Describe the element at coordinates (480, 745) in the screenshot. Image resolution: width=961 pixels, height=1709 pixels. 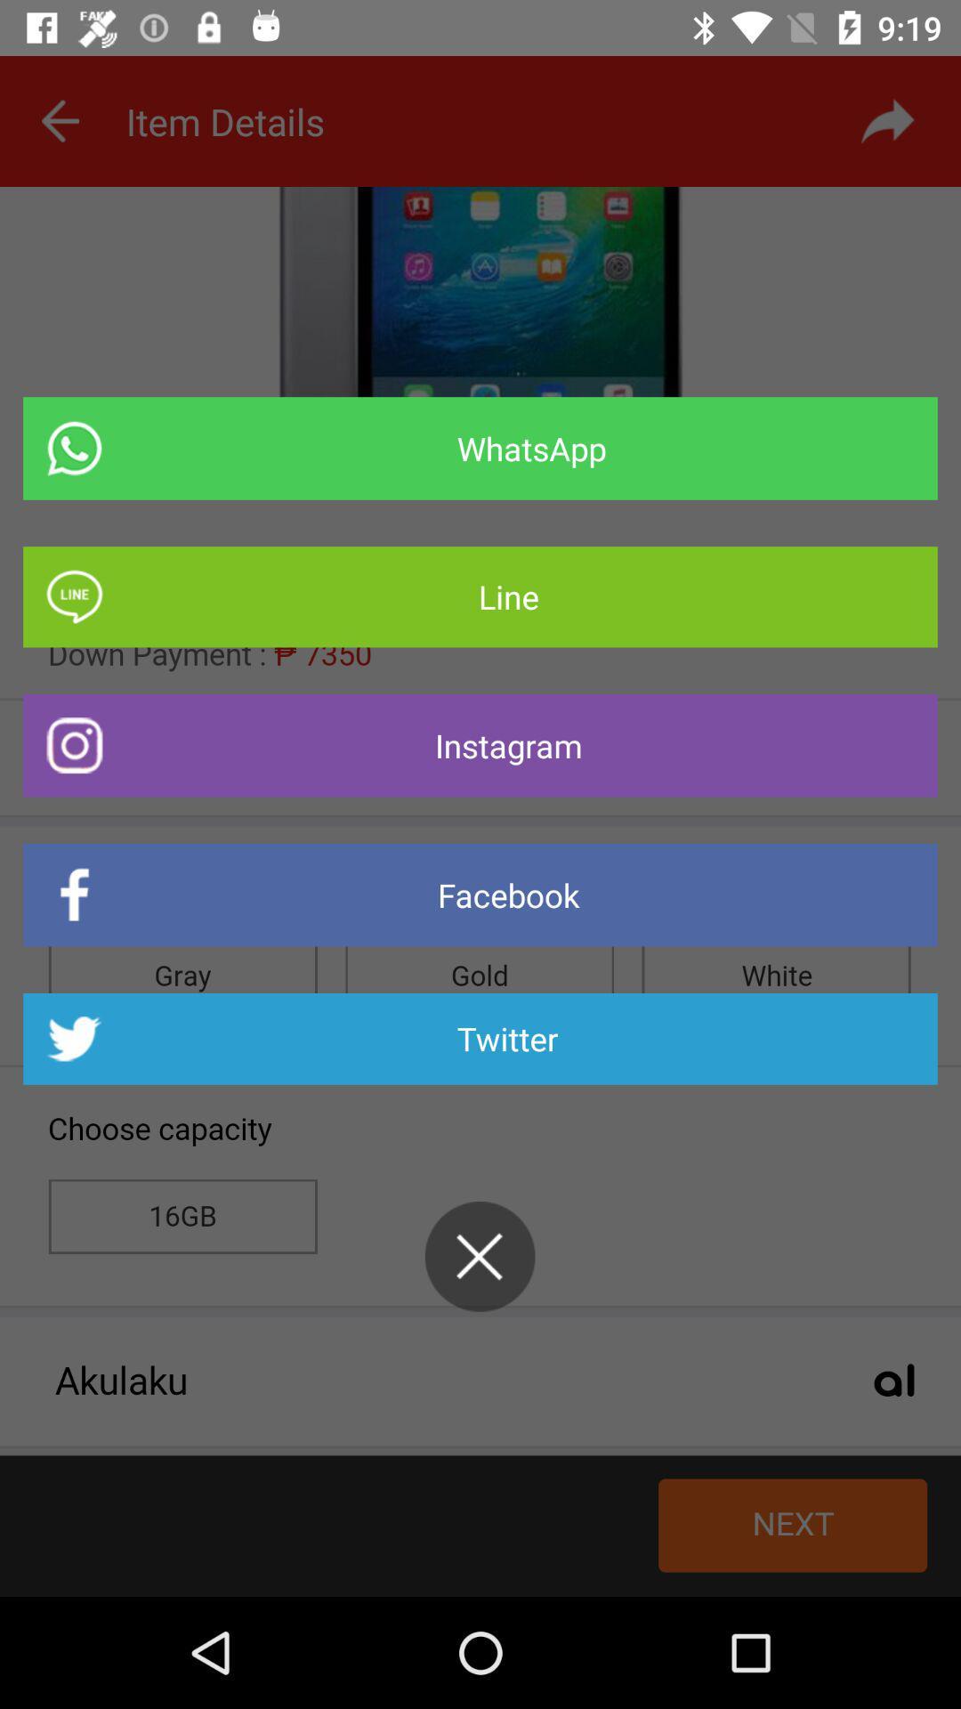
I see `instagram icon` at that location.